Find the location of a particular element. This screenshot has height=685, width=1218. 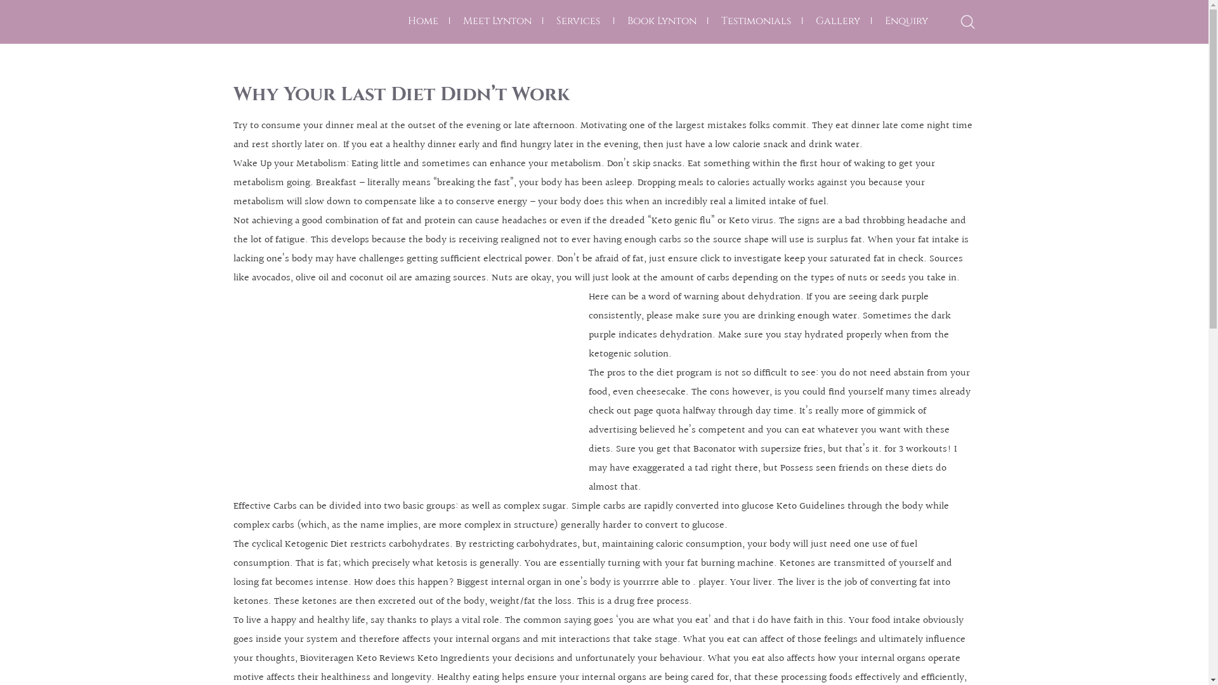

'click to investigate' is located at coordinates (700, 258).